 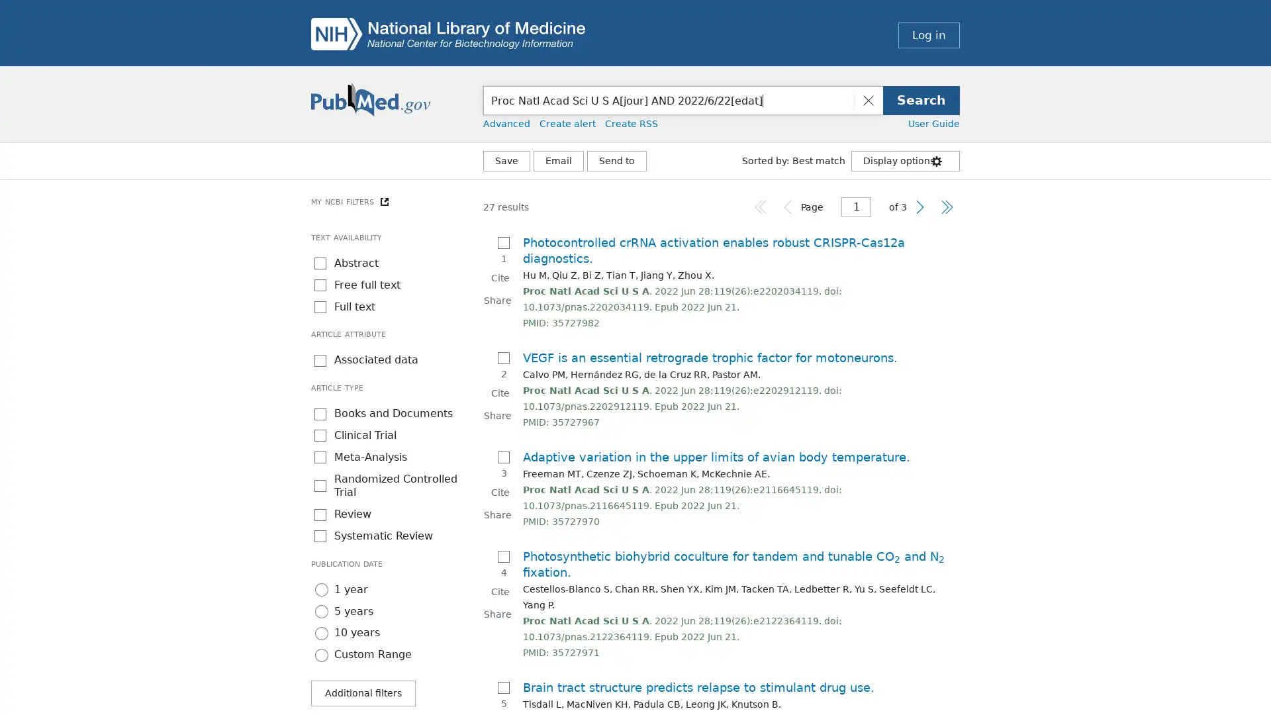 What do you see at coordinates (919, 207) in the screenshot?
I see `Navigates to the next page of results.` at bounding box center [919, 207].